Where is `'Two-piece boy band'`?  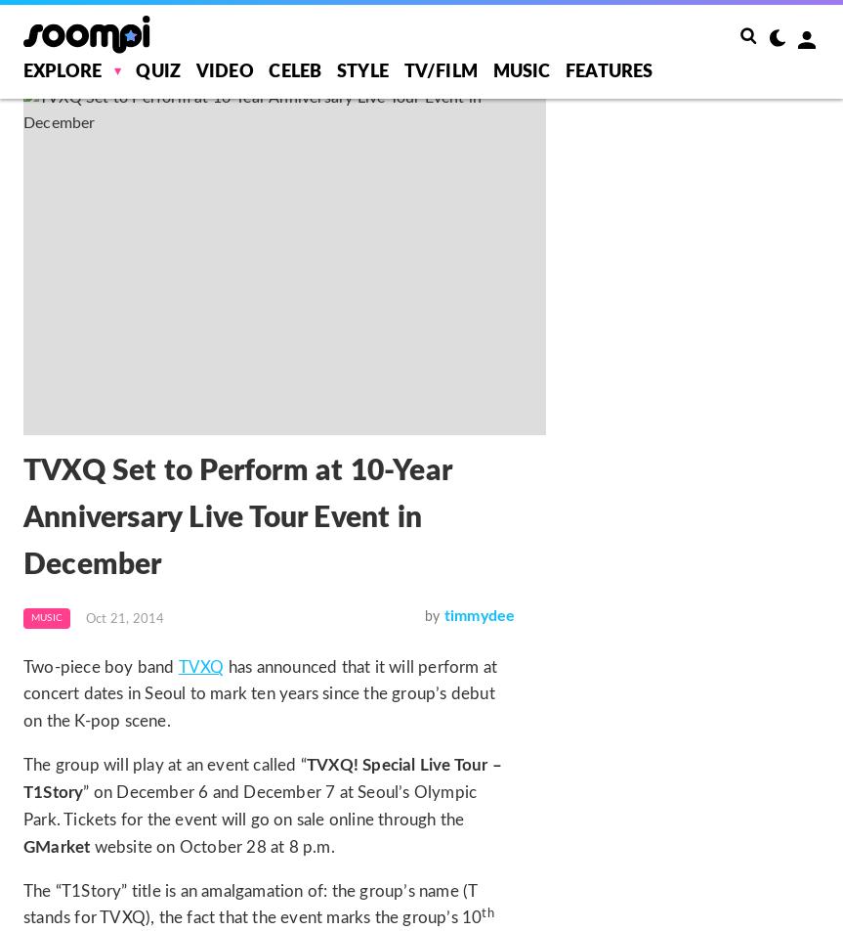 'Two-piece boy band' is located at coordinates (100, 666).